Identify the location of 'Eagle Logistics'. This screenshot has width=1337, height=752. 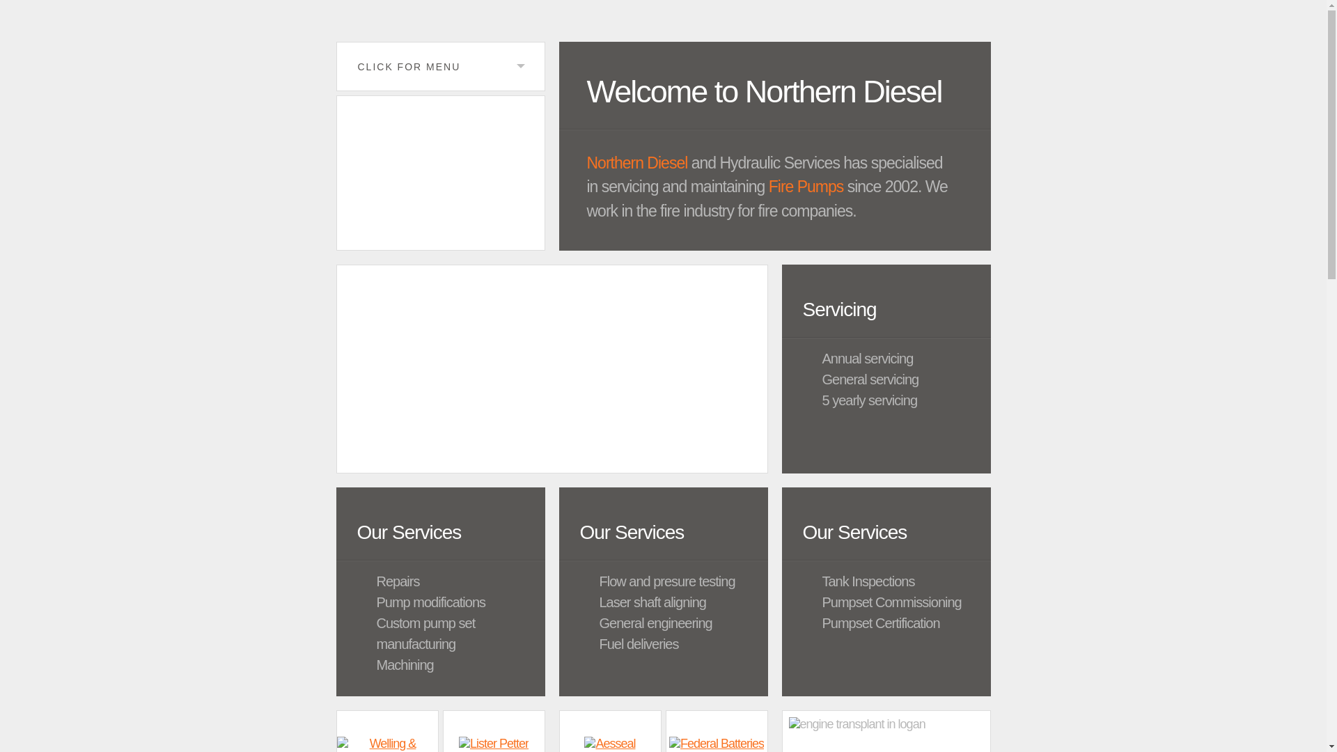
(439, 172).